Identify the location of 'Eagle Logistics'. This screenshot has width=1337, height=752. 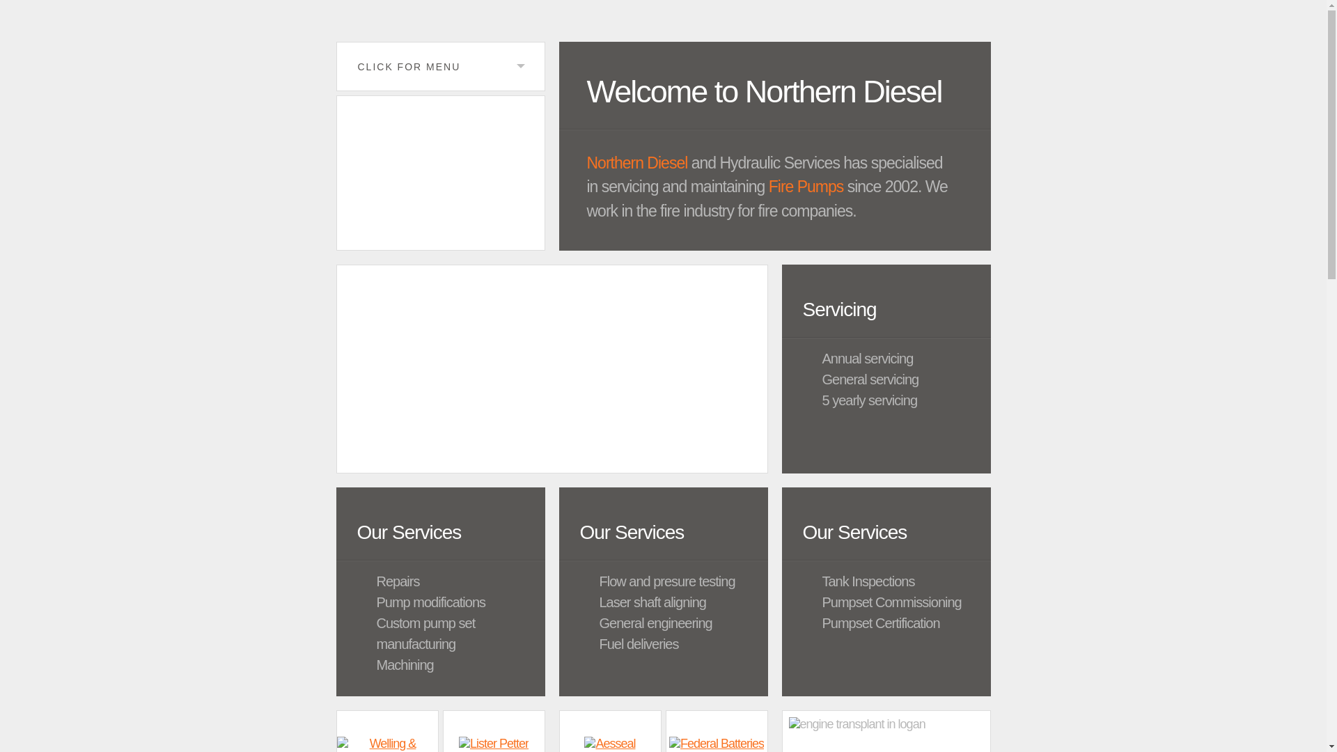
(439, 172).